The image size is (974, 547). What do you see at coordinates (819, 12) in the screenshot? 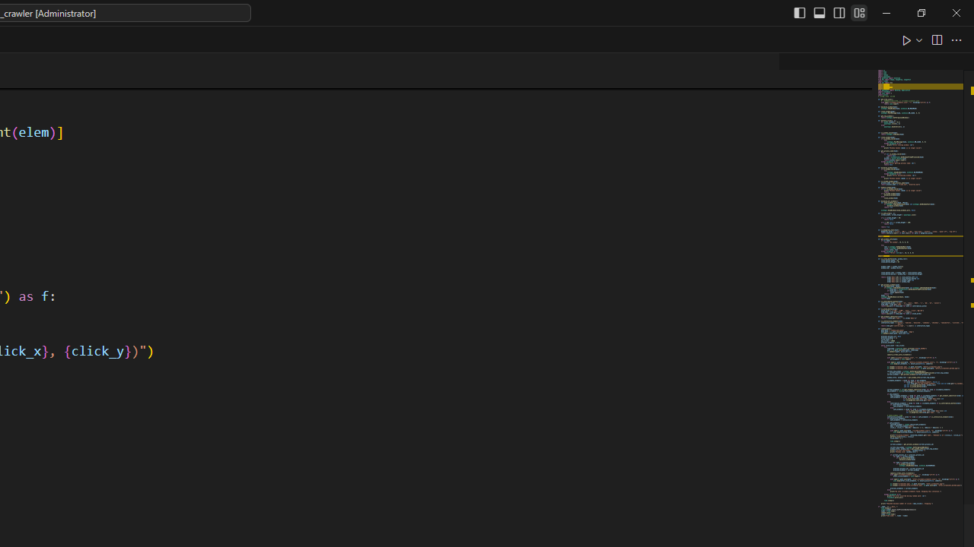
I see `'Toggle Panel (Ctrl+J)'` at bounding box center [819, 12].